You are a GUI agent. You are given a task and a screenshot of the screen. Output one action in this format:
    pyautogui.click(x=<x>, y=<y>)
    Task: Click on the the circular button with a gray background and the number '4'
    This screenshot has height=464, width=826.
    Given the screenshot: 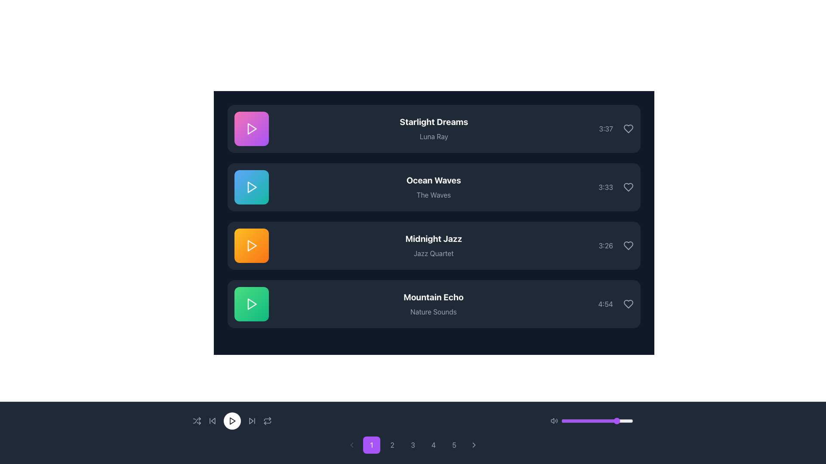 What is the action you would take?
    pyautogui.click(x=434, y=445)
    